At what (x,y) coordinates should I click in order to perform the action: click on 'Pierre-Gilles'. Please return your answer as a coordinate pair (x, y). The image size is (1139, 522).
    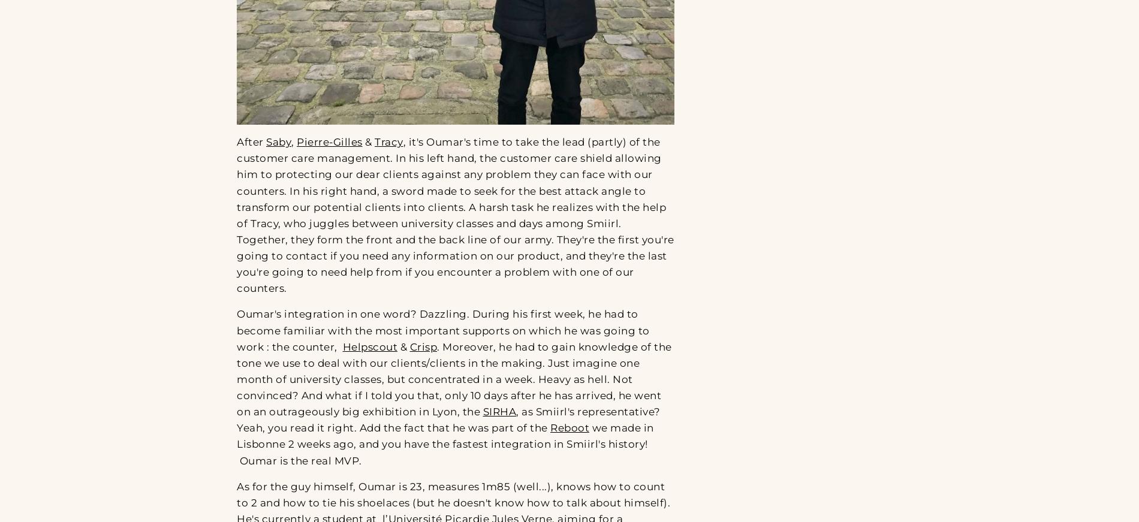
    Looking at the image, I should click on (329, 141).